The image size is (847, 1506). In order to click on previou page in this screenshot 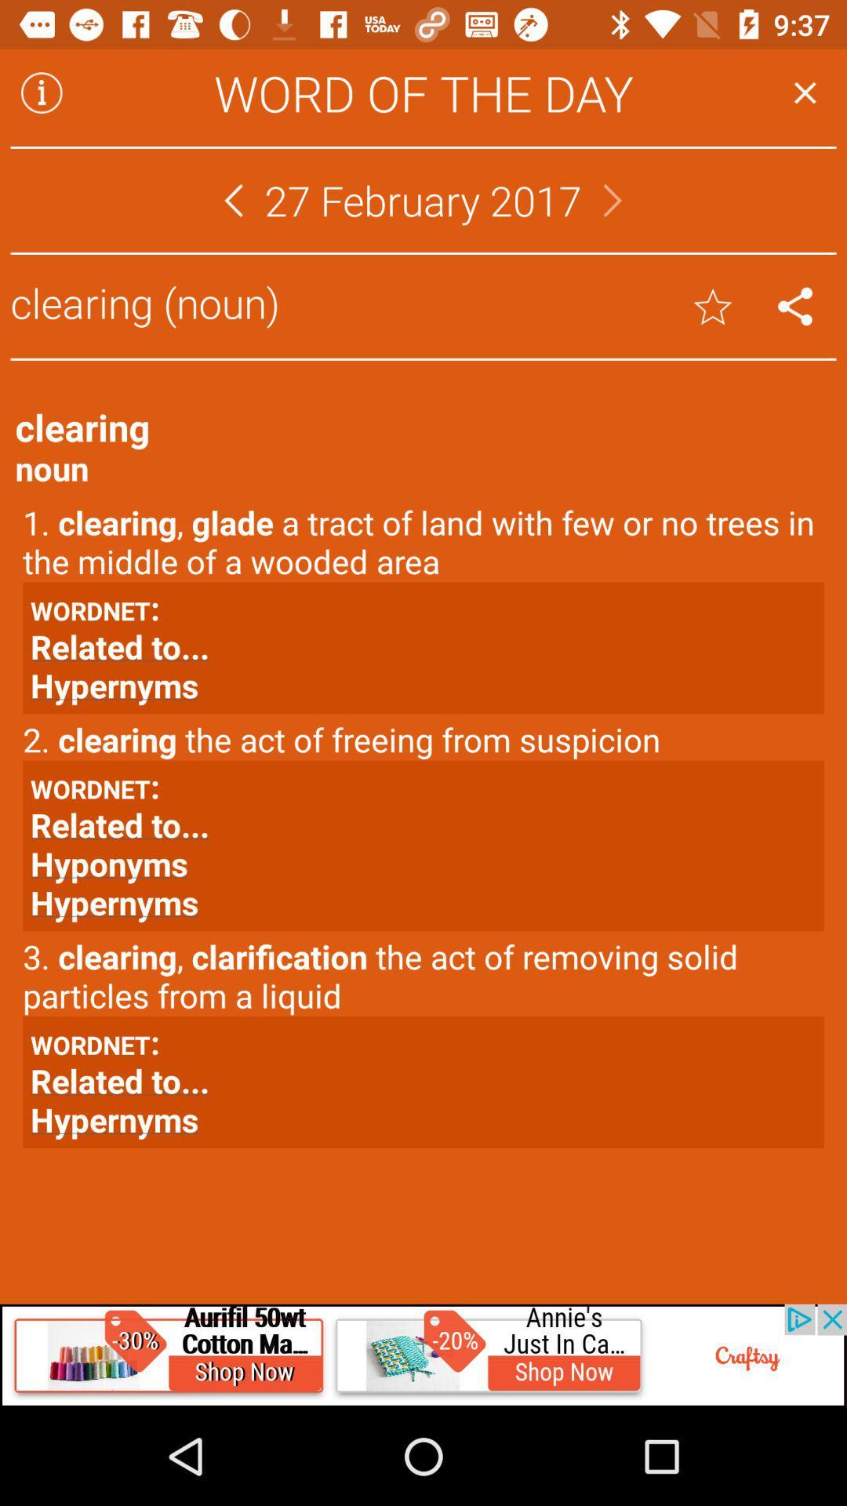, I will do `click(233, 199)`.